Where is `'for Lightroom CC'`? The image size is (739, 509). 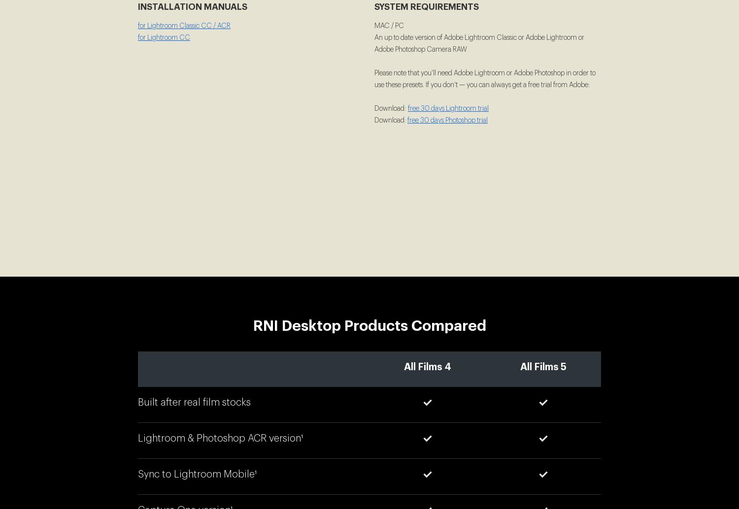 'for Lightroom CC' is located at coordinates (164, 38).